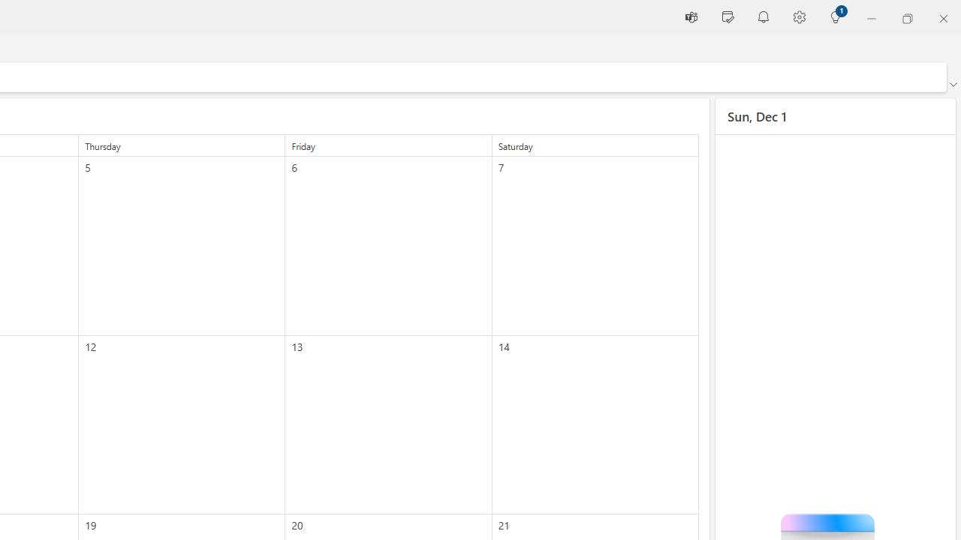 The width and height of the screenshot is (961, 540). I want to click on 'Ribbon display options', so click(952, 85).